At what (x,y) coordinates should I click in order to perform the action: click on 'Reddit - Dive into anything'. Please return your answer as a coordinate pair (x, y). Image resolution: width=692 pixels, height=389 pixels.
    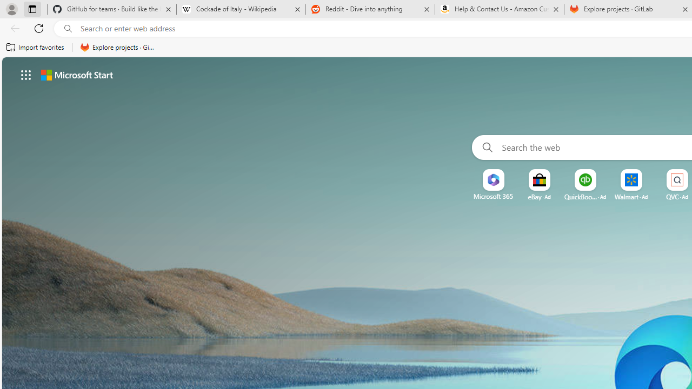
    Looking at the image, I should click on (370, 9).